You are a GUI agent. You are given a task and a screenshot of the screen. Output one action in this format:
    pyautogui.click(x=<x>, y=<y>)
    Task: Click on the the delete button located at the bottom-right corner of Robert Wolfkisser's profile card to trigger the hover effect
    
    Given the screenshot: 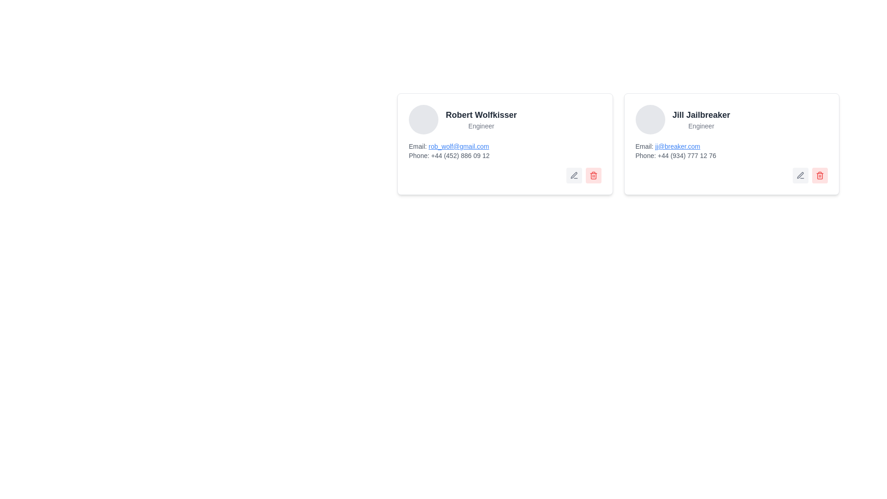 What is the action you would take?
    pyautogui.click(x=593, y=176)
    